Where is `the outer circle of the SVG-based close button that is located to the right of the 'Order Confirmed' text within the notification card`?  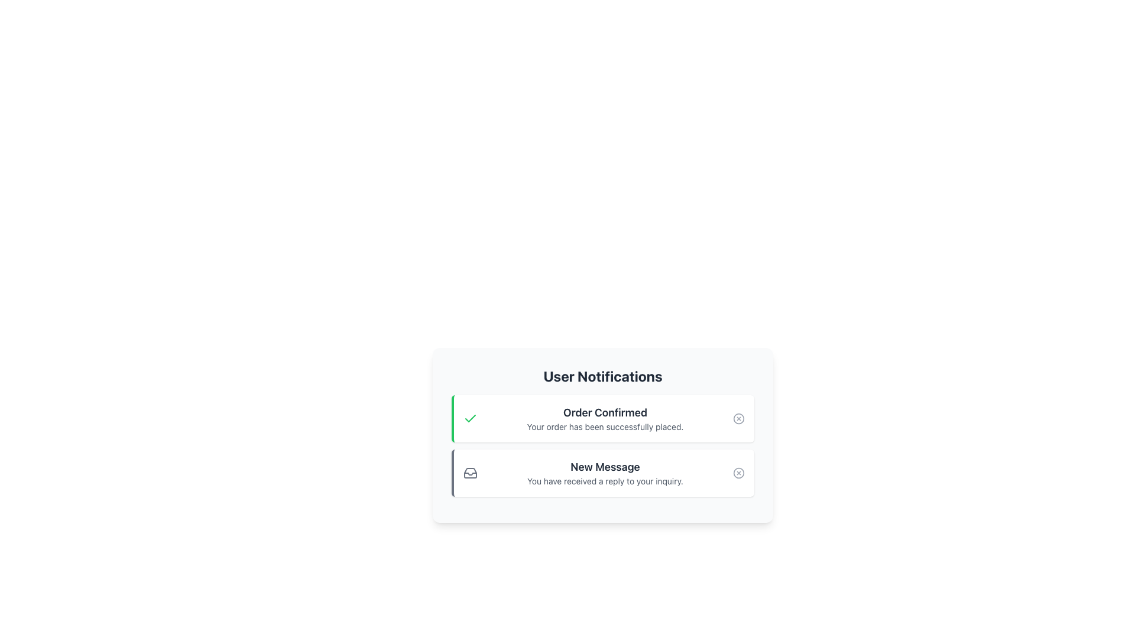
the outer circle of the SVG-based close button that is located to the right of the 'Order Confirmed' text within the notification card is located at coordinates (738, 418).